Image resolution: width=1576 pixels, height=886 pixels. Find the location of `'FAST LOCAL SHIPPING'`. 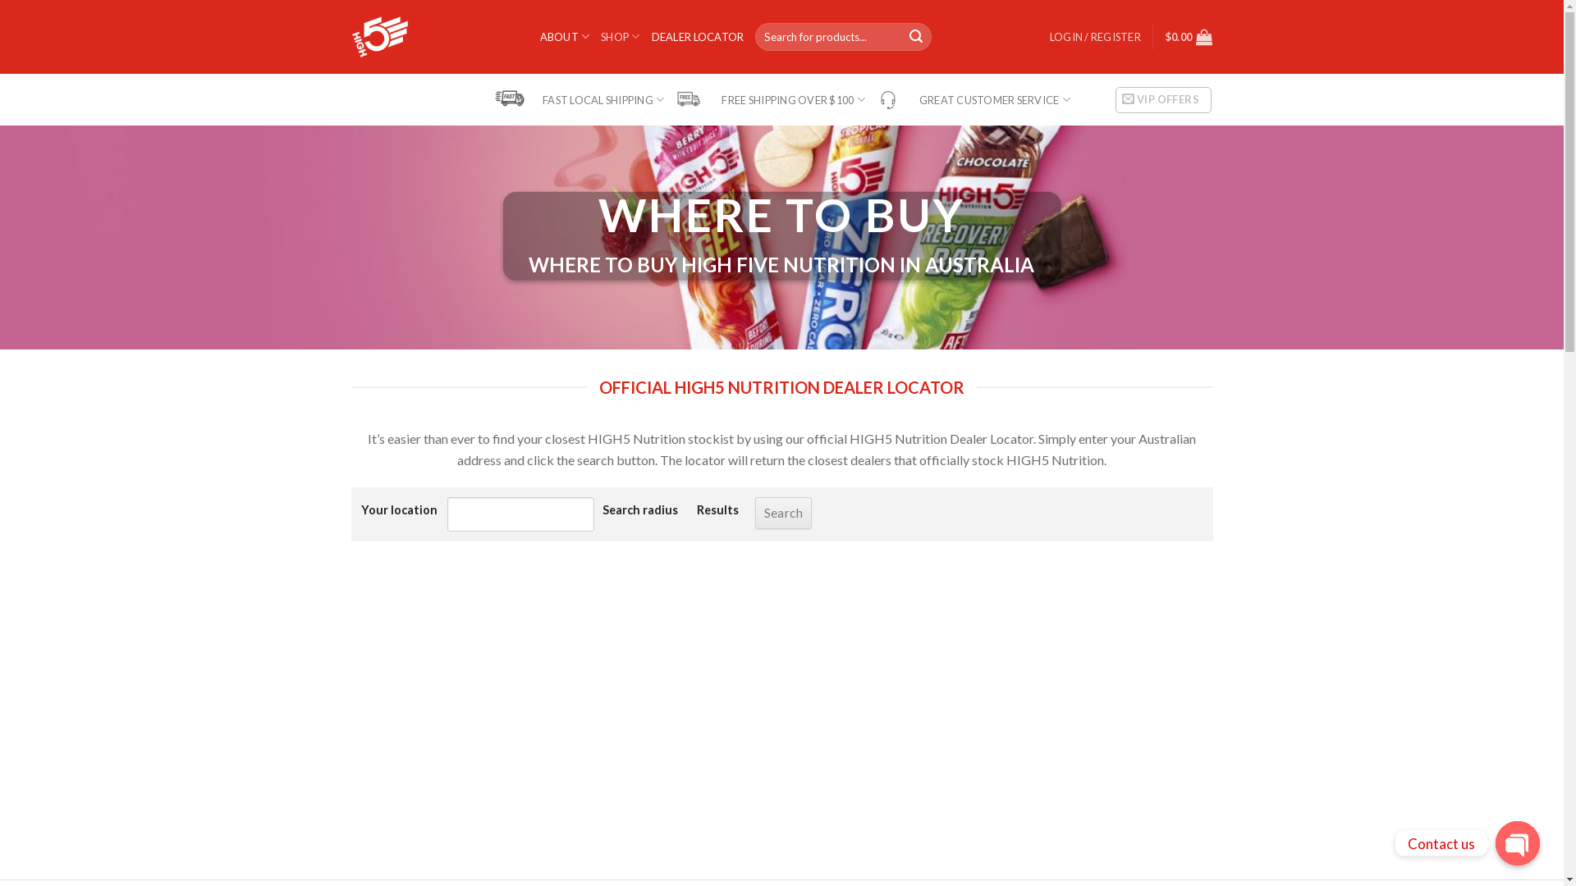

'FAST LOCAL SHIPPING' is located at coordinates (579, 99).